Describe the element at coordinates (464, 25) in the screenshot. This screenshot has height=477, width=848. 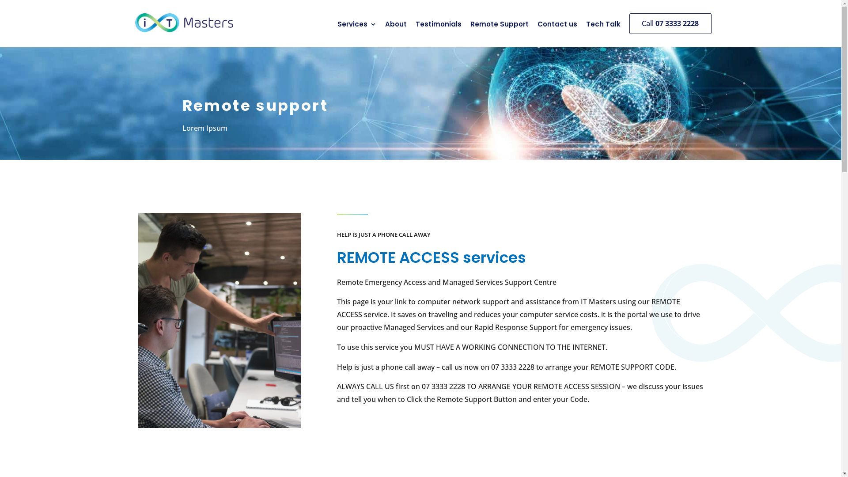
I see `'Remote Support'` at that location.